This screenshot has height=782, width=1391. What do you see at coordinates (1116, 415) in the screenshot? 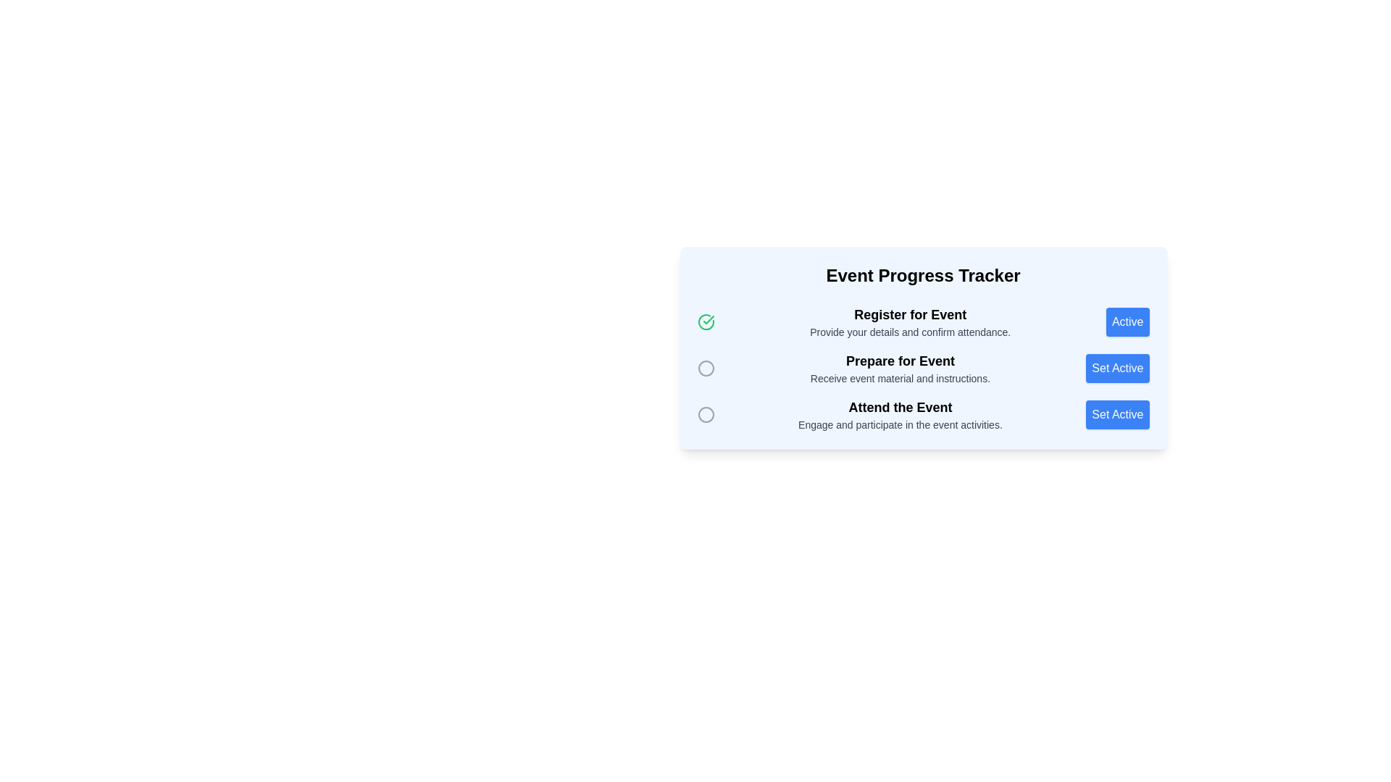
I see `the 'Set Active' button, which is the last button on the right side of the 'Event Progress Tracker' UI component` at bounding box center [1116, 415].